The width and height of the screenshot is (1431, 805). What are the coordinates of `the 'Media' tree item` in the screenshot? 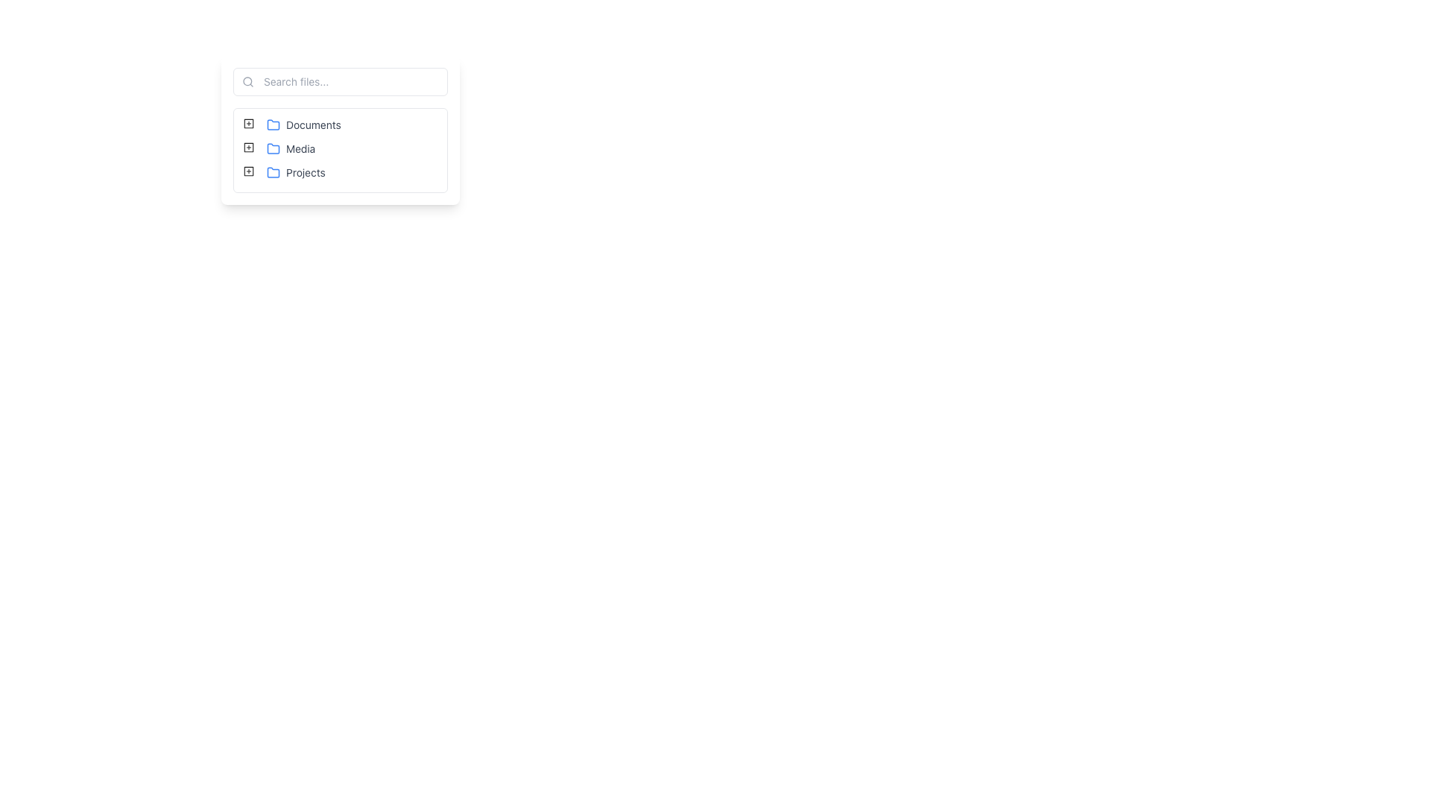 It's located at (339, 150).